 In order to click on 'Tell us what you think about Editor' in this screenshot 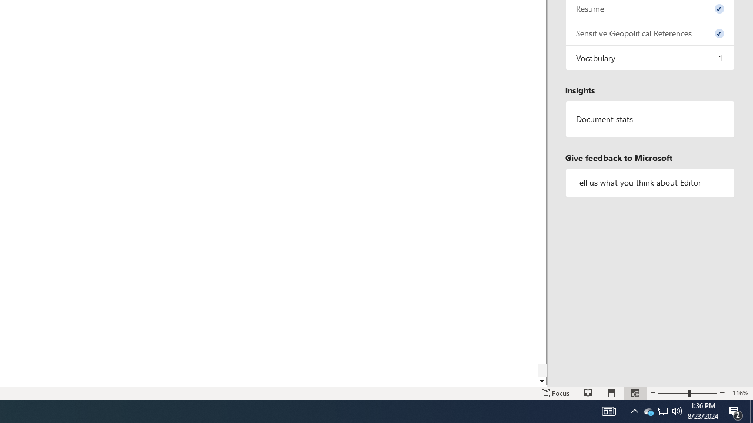, I will do `click(649, 183)`.